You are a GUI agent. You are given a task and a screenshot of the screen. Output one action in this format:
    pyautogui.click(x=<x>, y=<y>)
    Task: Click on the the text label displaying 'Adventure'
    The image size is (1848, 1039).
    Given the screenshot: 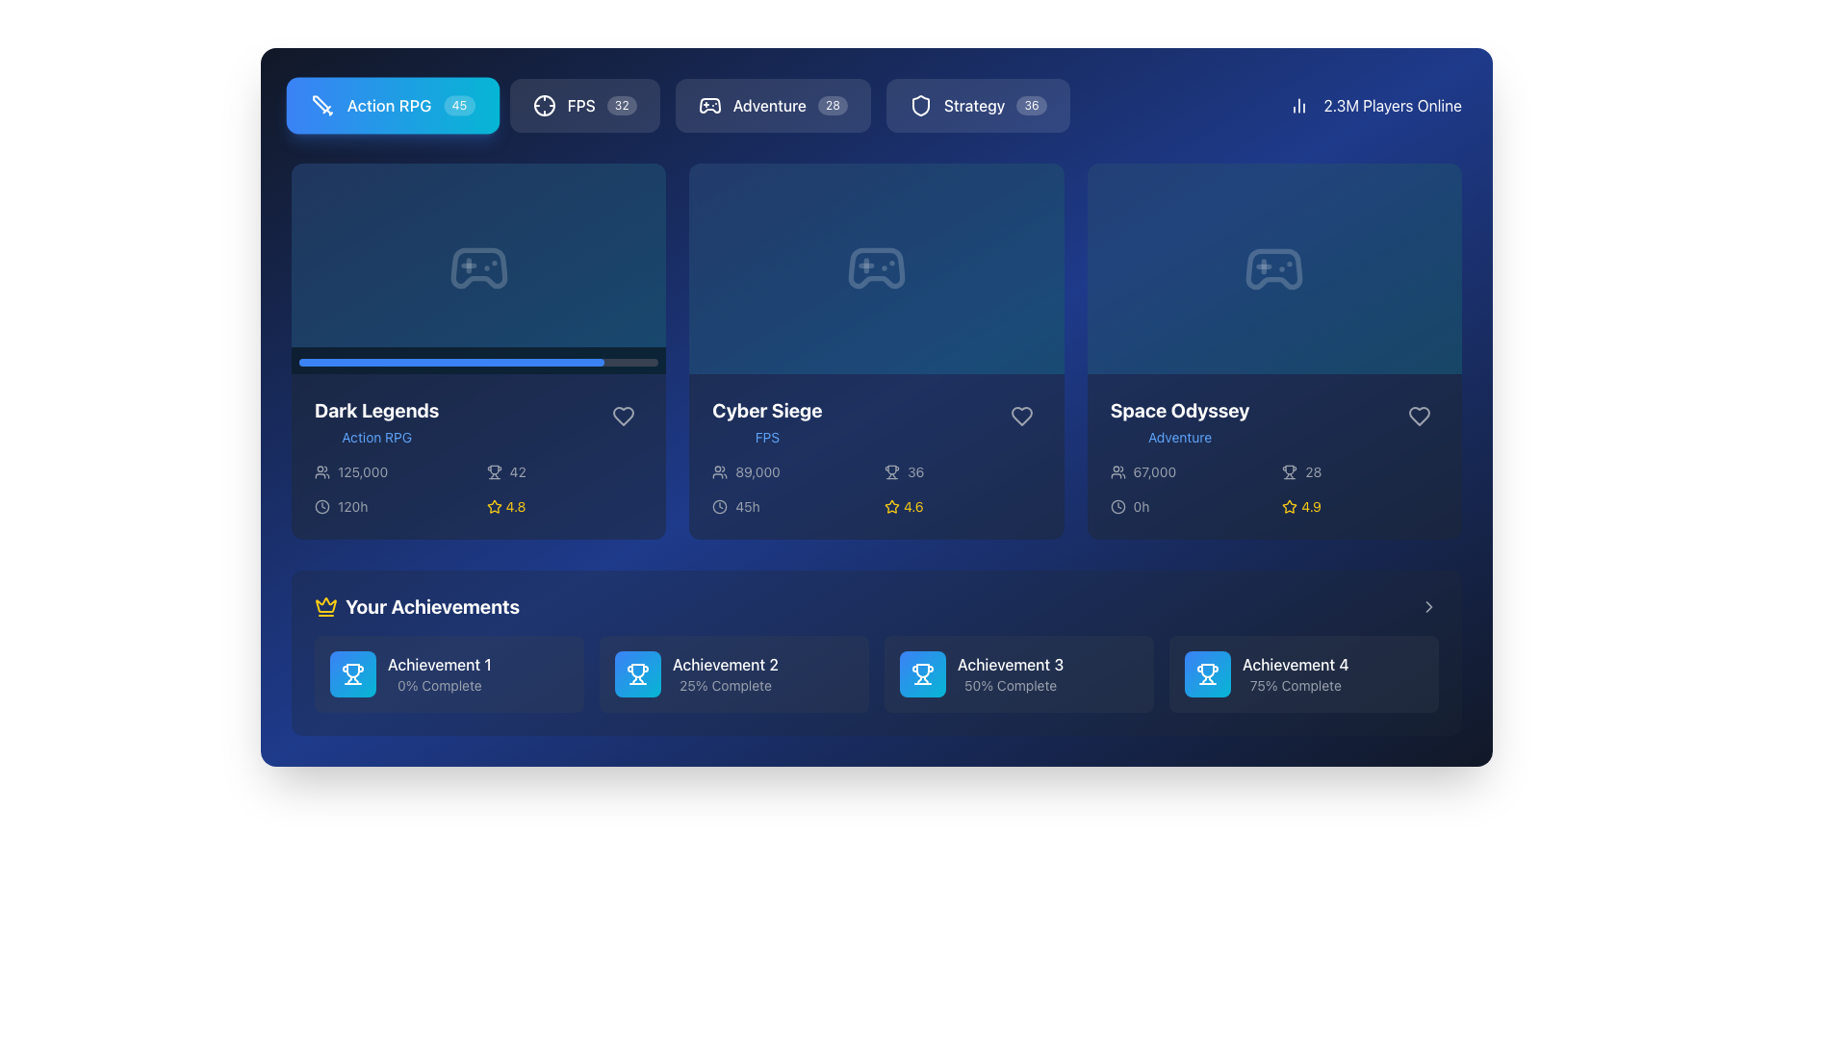 What is the action you would take?
    pyautogui.click(x=1179, y=438)
    